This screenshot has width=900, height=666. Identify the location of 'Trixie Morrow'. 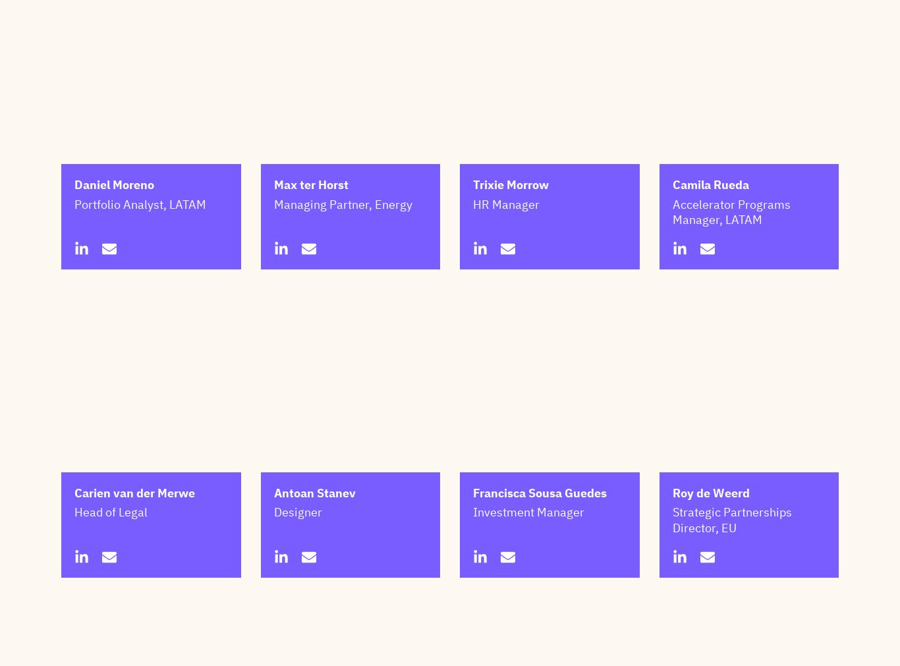
(511, 250).